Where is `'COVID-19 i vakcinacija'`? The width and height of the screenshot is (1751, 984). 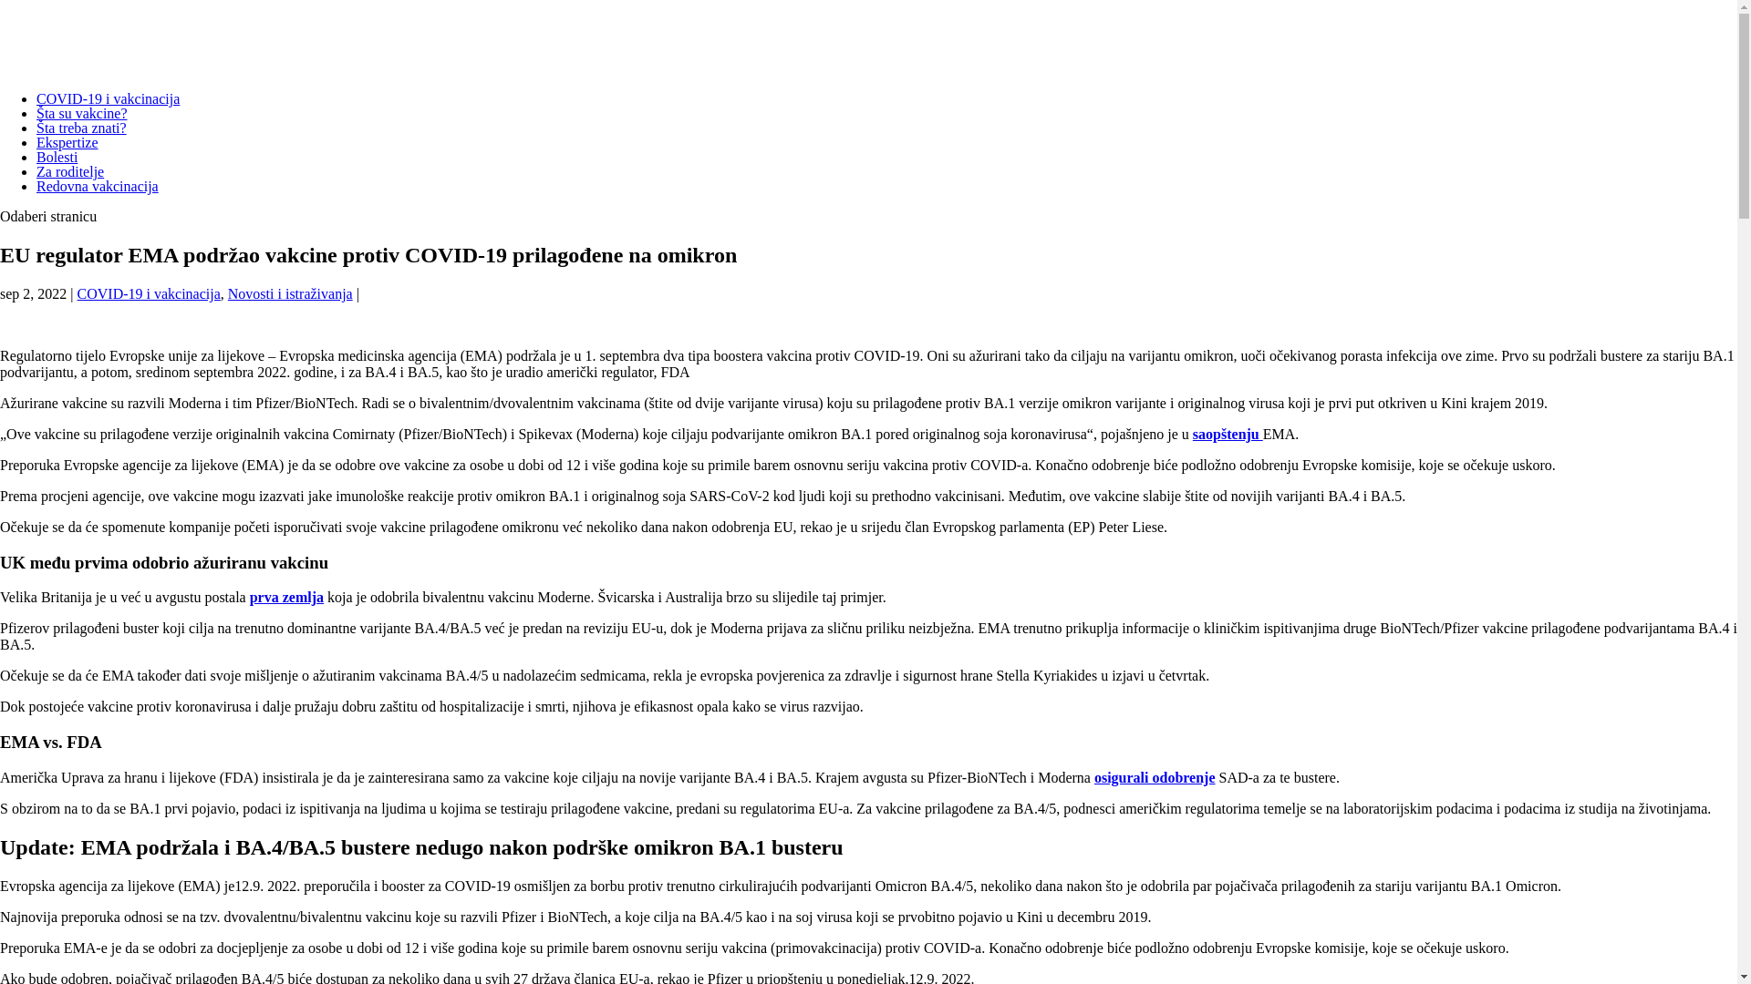
'COVID-19 i vakcinacija' is located at coordinates (107, 98).